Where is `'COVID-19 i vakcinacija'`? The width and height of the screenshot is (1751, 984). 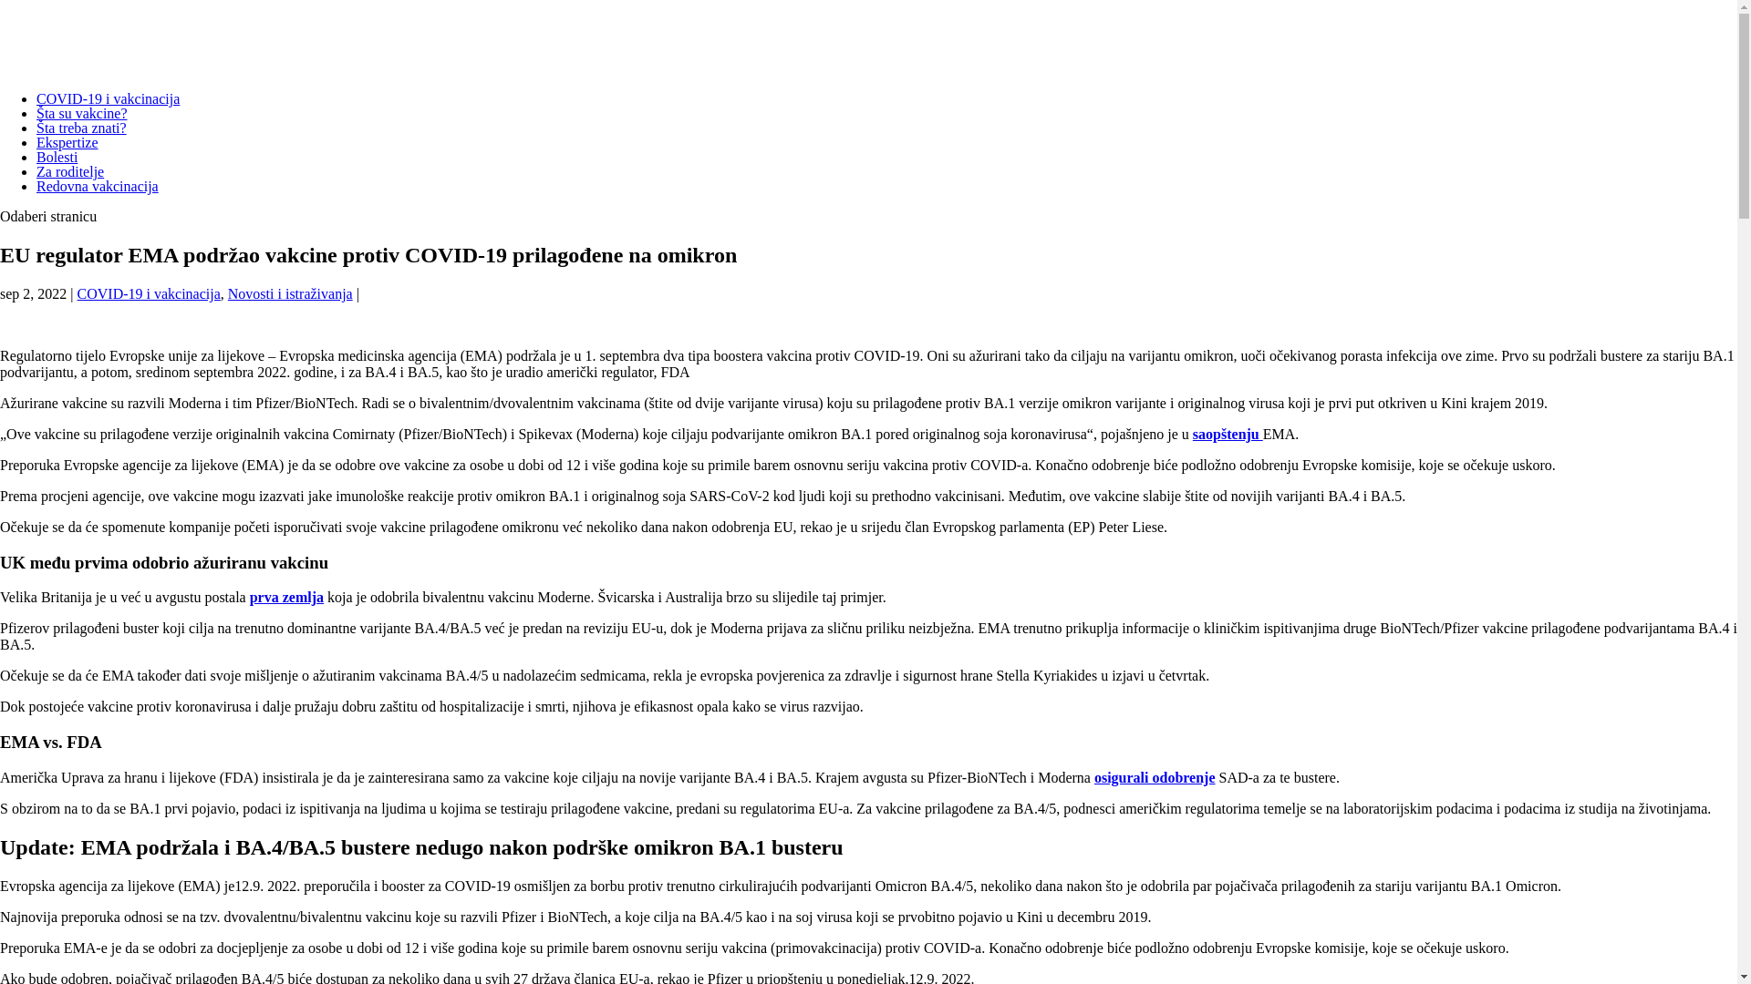
'COVID-19 i vakcinacija' is located at coordinates (107, 98).